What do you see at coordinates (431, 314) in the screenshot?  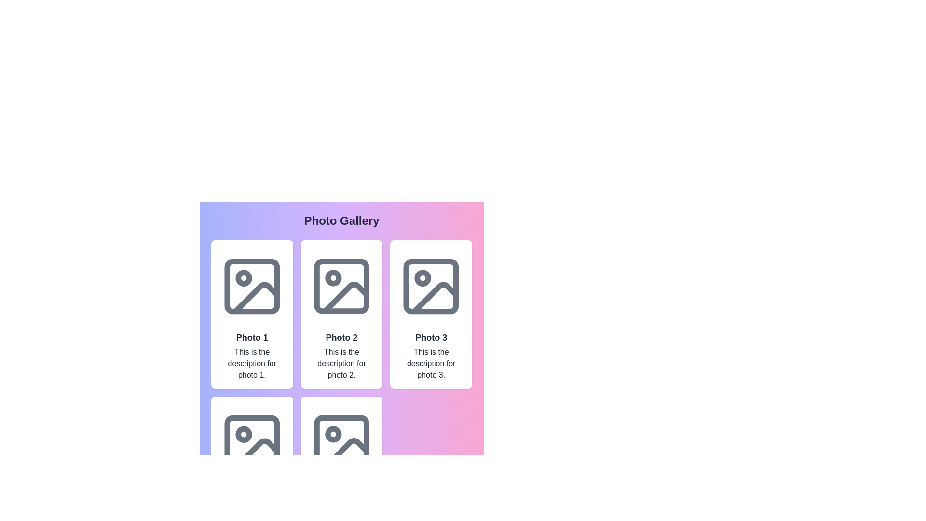 I see `the third photo card in the grid layout, which displays a title and description` at bounding box center [431, 314].